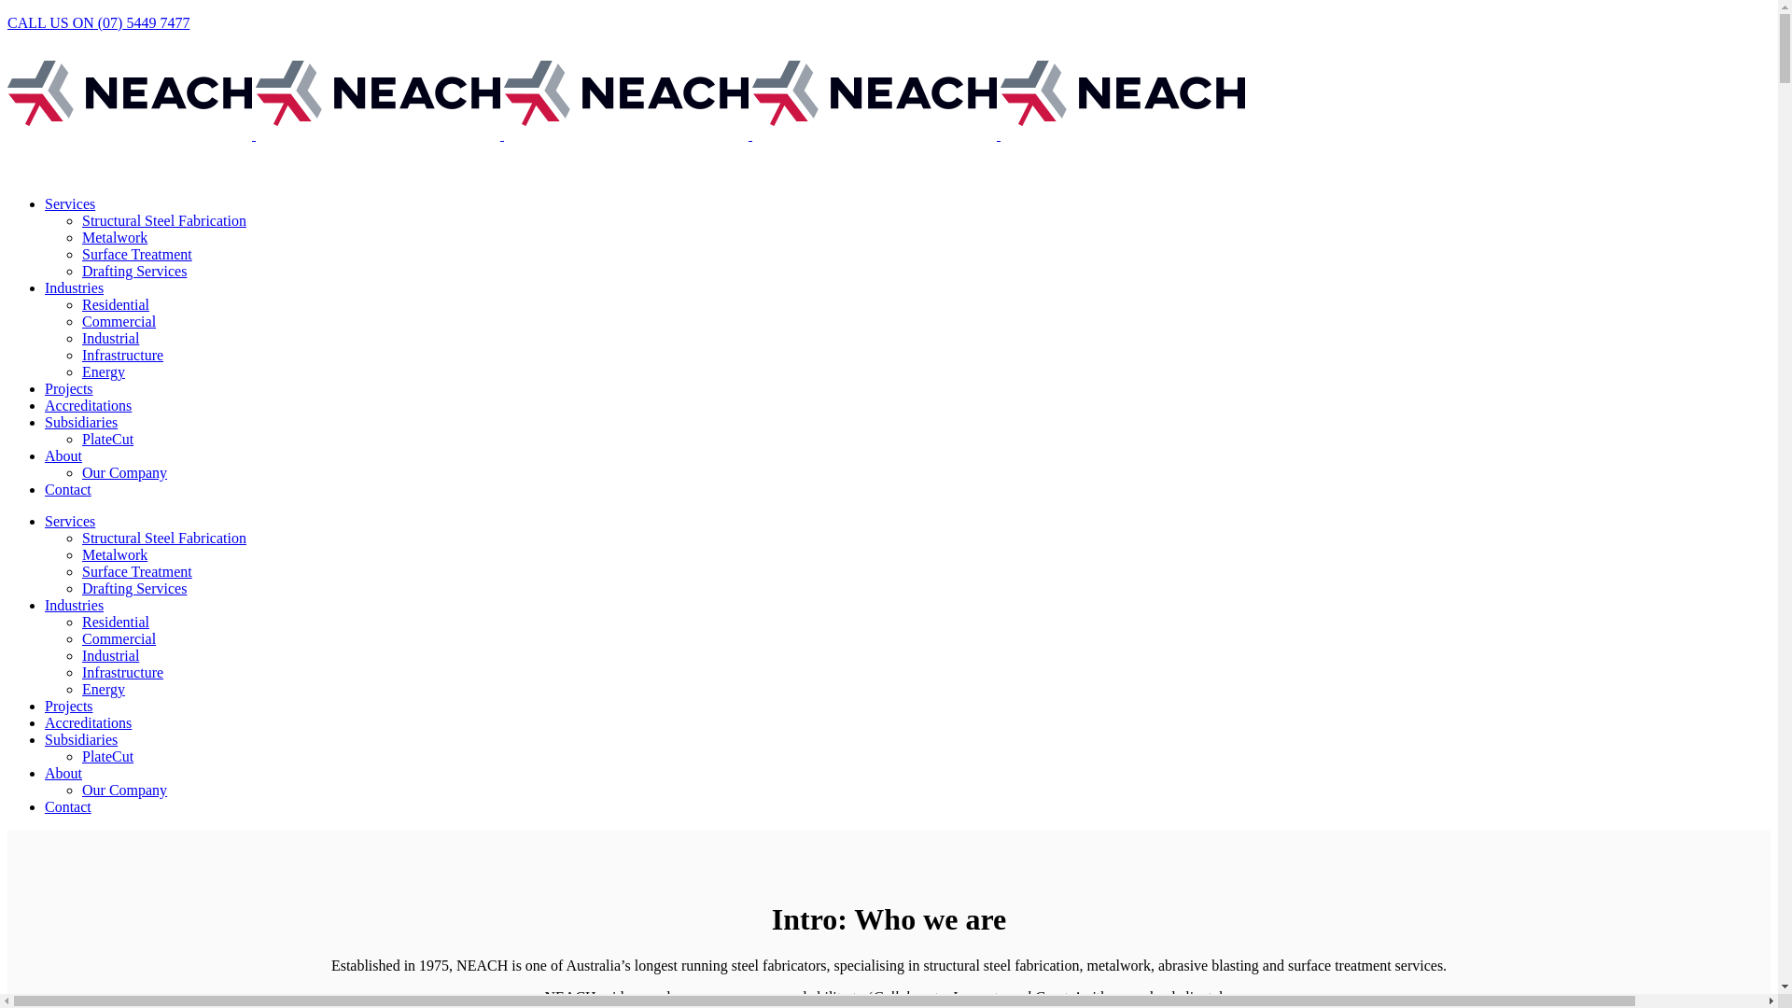  What do you see at coordinates (97, 22) in the screenshot?
I see `'CALL US ON (07) 5449 7477'` at bounding box center [97, 22].